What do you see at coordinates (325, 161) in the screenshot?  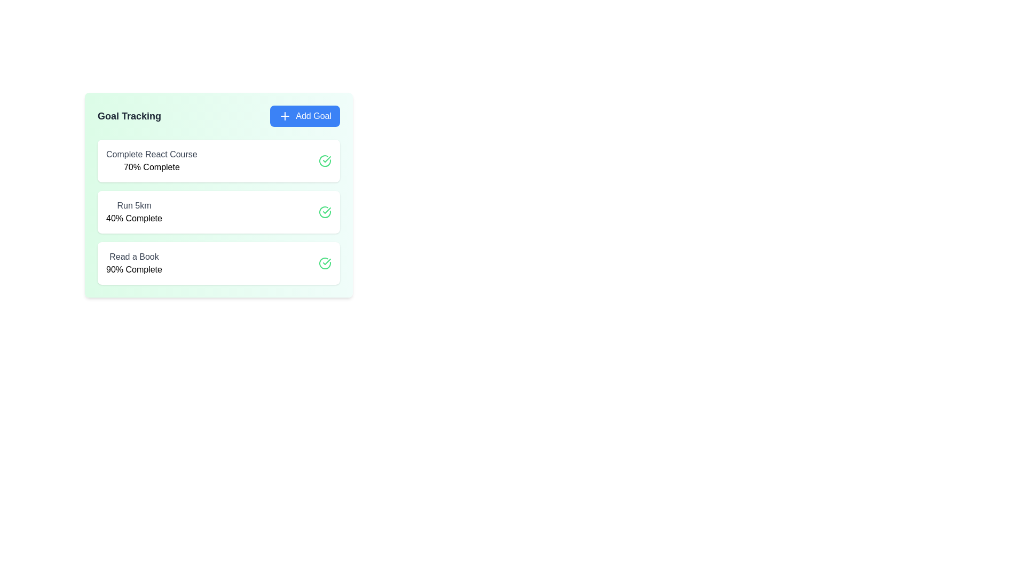 I see `the visual indicator icon for the completed task within the 'Complete React Course 70% Complete' card, located on the top-right corner adjacent to the text` at bounding box center [325, 161].